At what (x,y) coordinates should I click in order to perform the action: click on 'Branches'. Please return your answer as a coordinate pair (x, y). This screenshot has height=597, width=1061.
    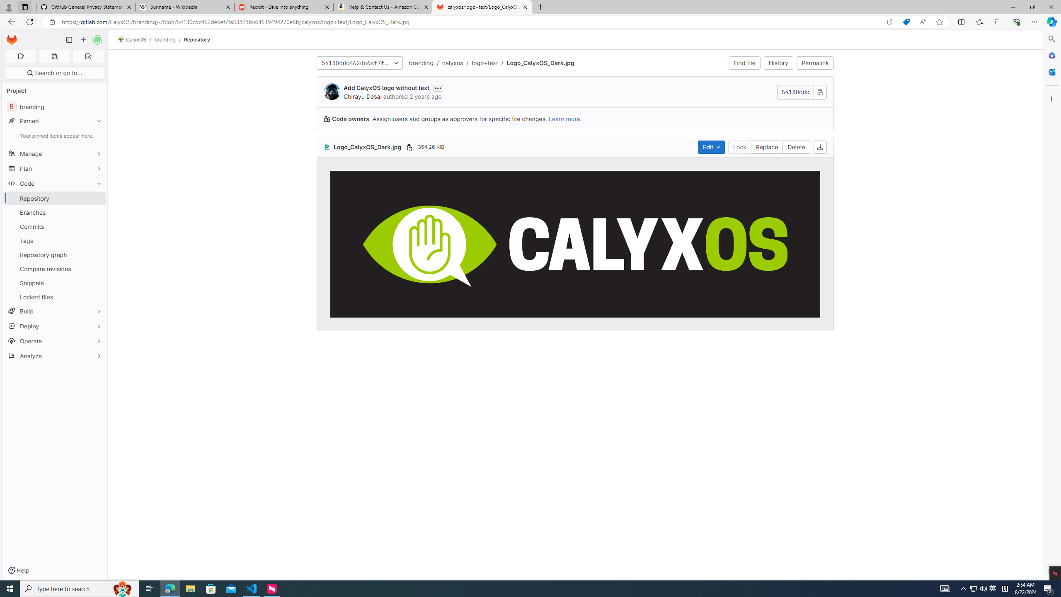
    Looking at the image, I should click on (54, 211).